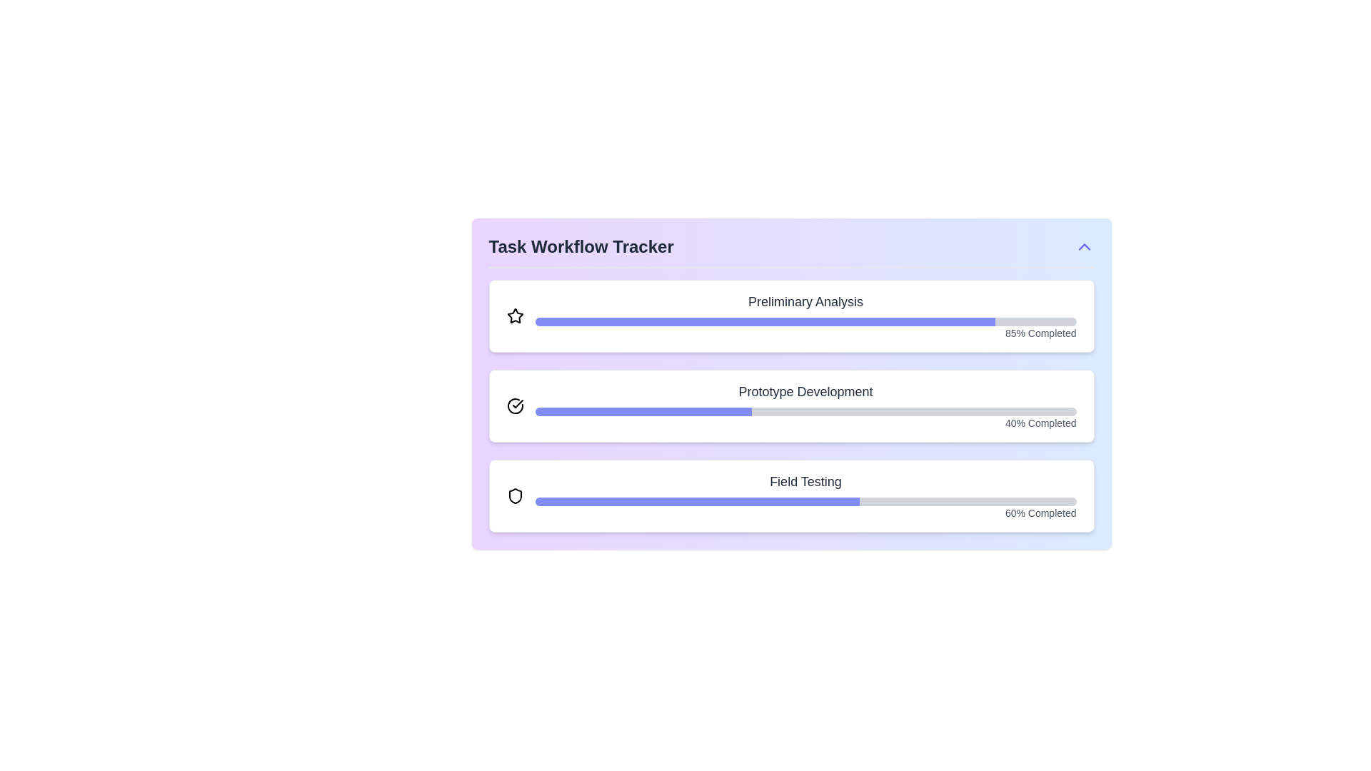  I want to click on the 'Field Testing' Progress tracker module, which displays a 60% completion progress bar and is located within a vertical list of progress tracking items, so click(790, 495).